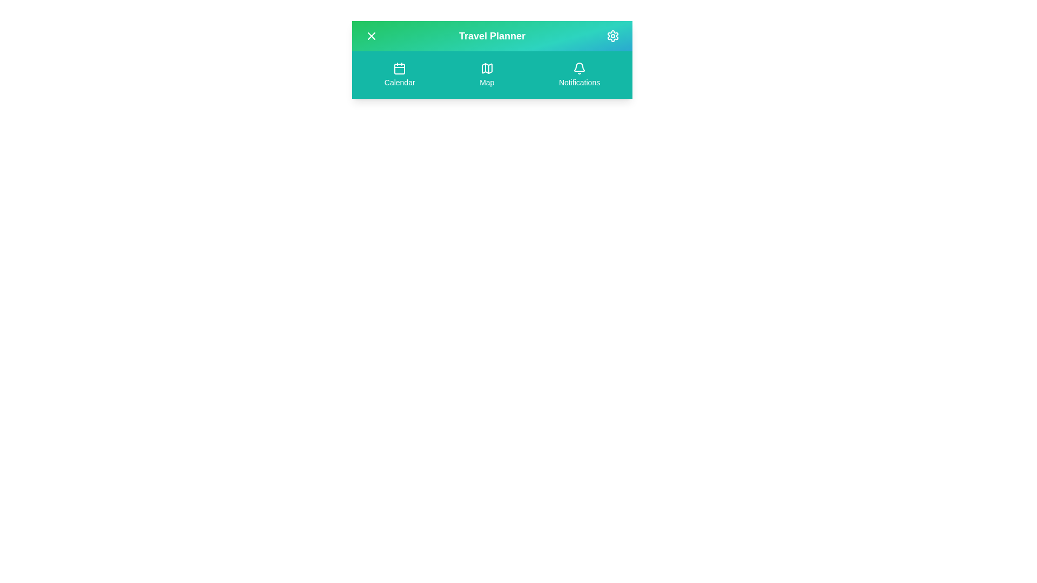  What do you see at coordinates (486, 74) in the screenshot?
I see `the Map navigation button` at bounding box center [486, 74].